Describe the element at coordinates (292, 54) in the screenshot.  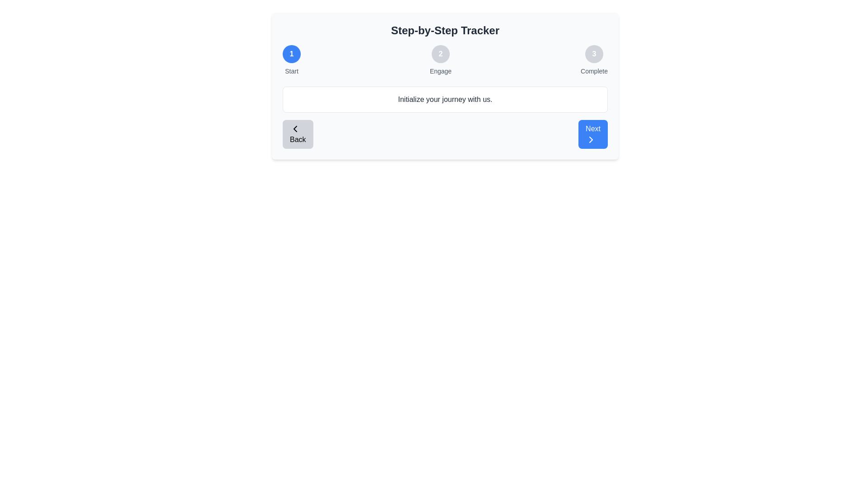
I see `the circular button with a blue background containing the numeral '1' at its center, located at the top-left corner of the step-by-step tracker interface` at that location.